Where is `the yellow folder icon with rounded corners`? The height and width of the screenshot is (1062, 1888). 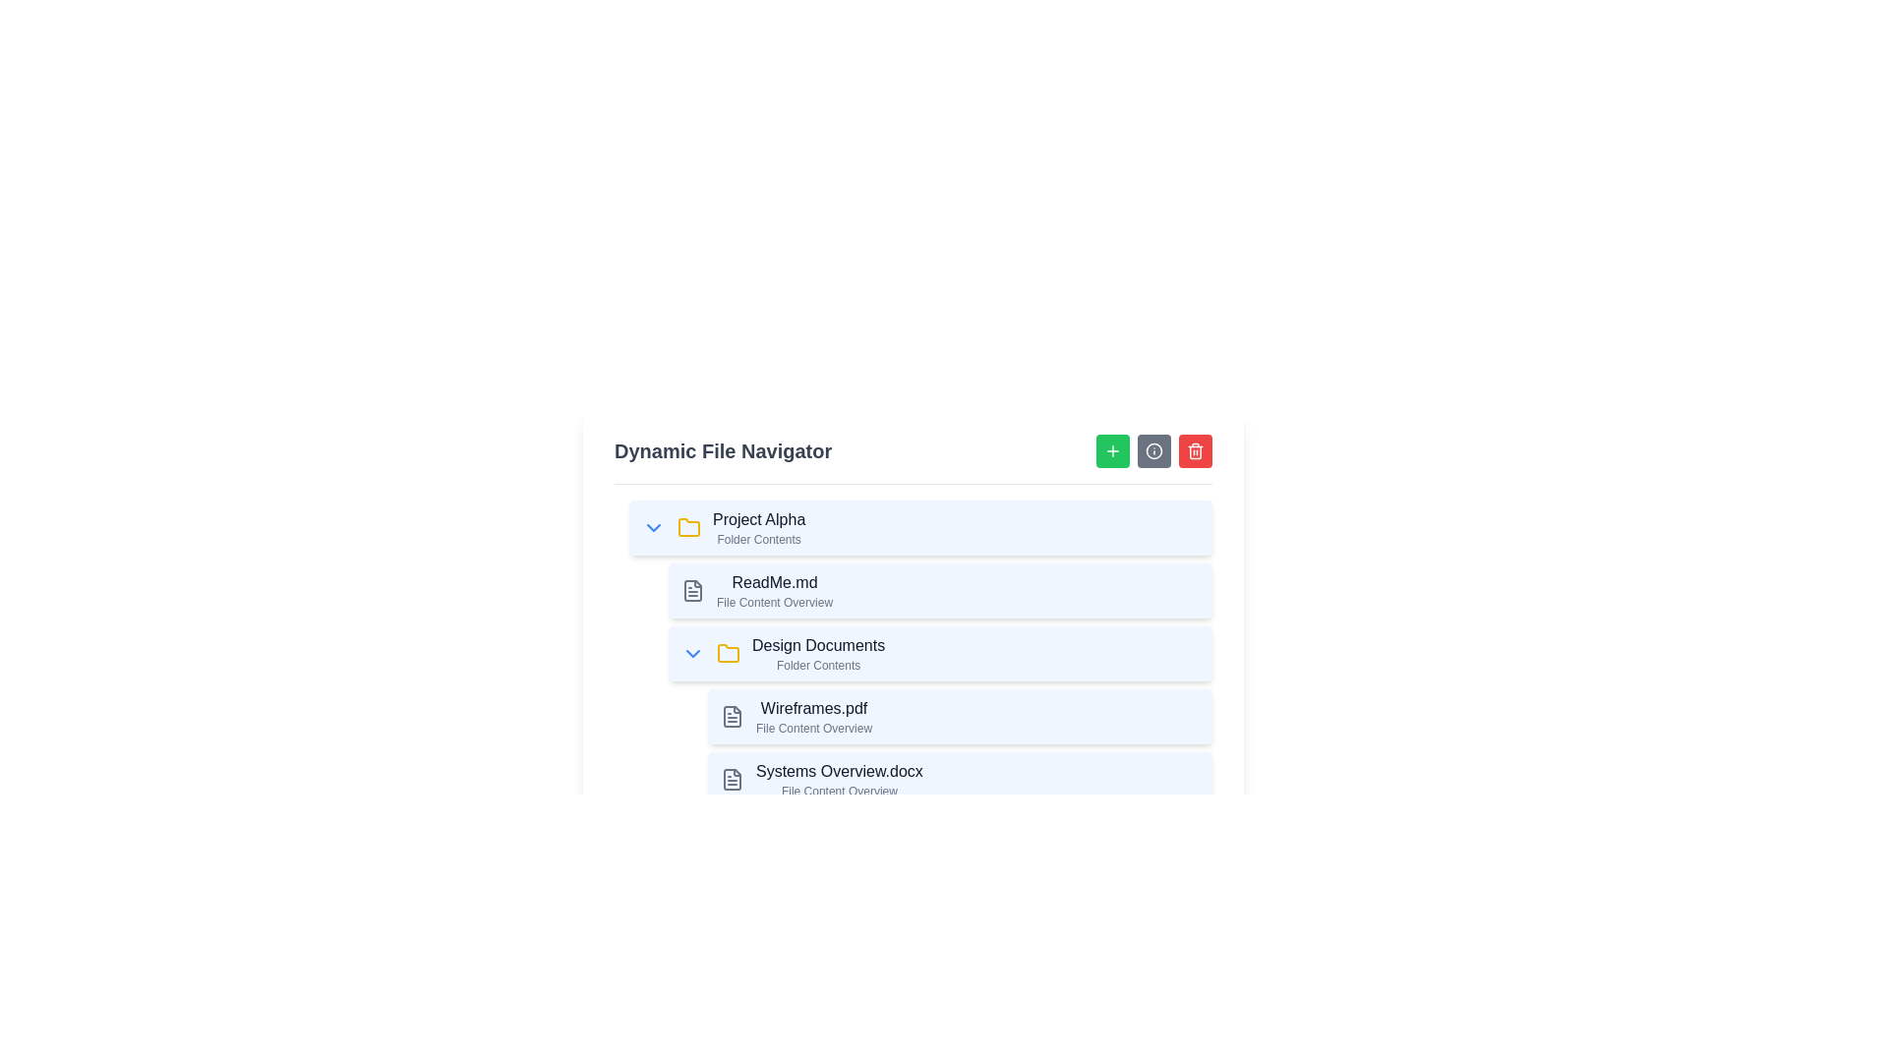
the yellow folder icon with rounded corners is located at coordinates (727, 653).